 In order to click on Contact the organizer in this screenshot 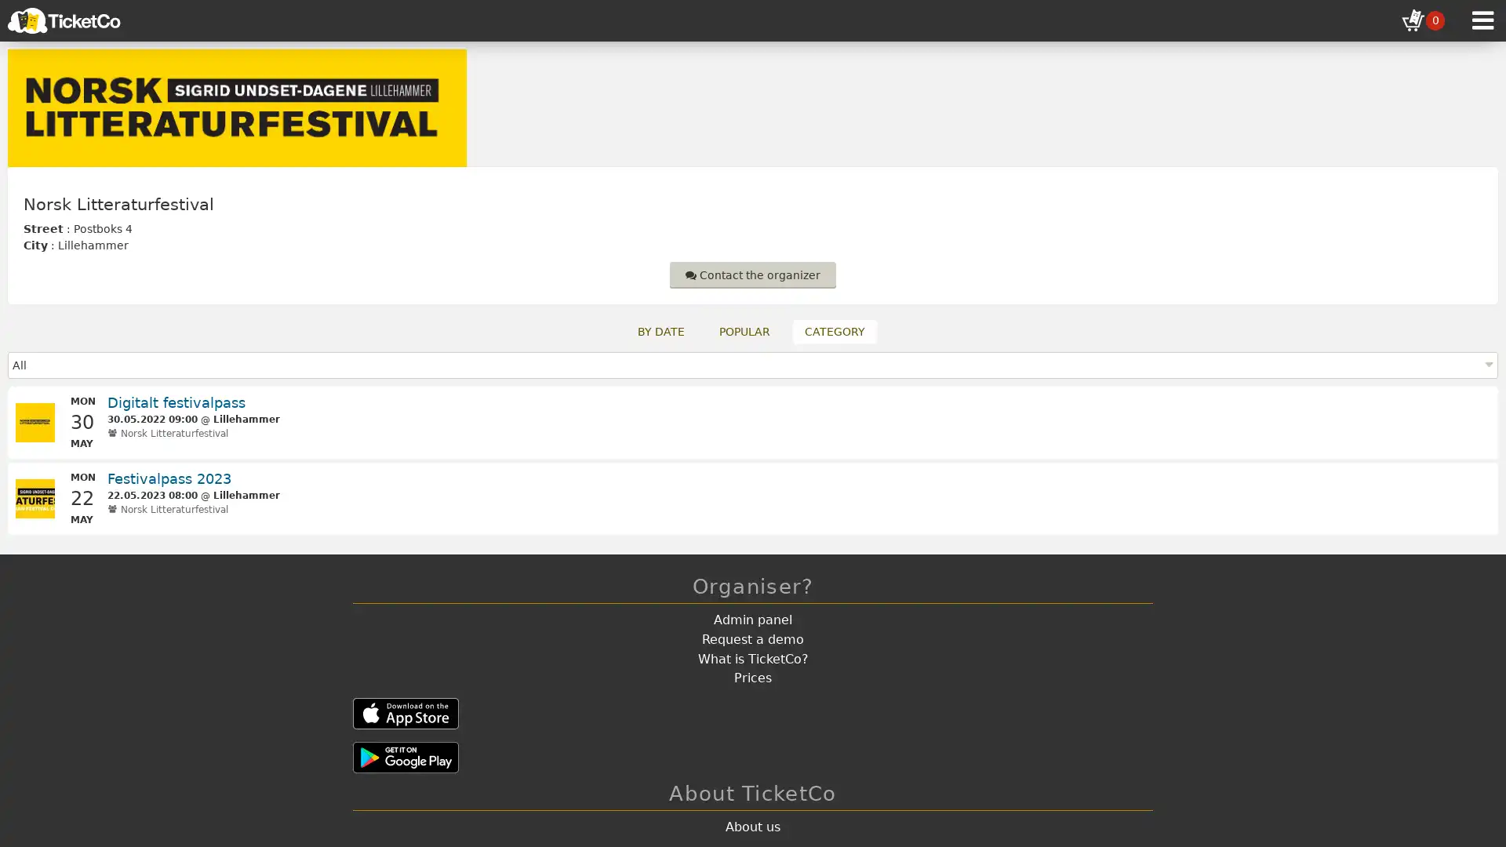, I will do `click(753, 274)`.